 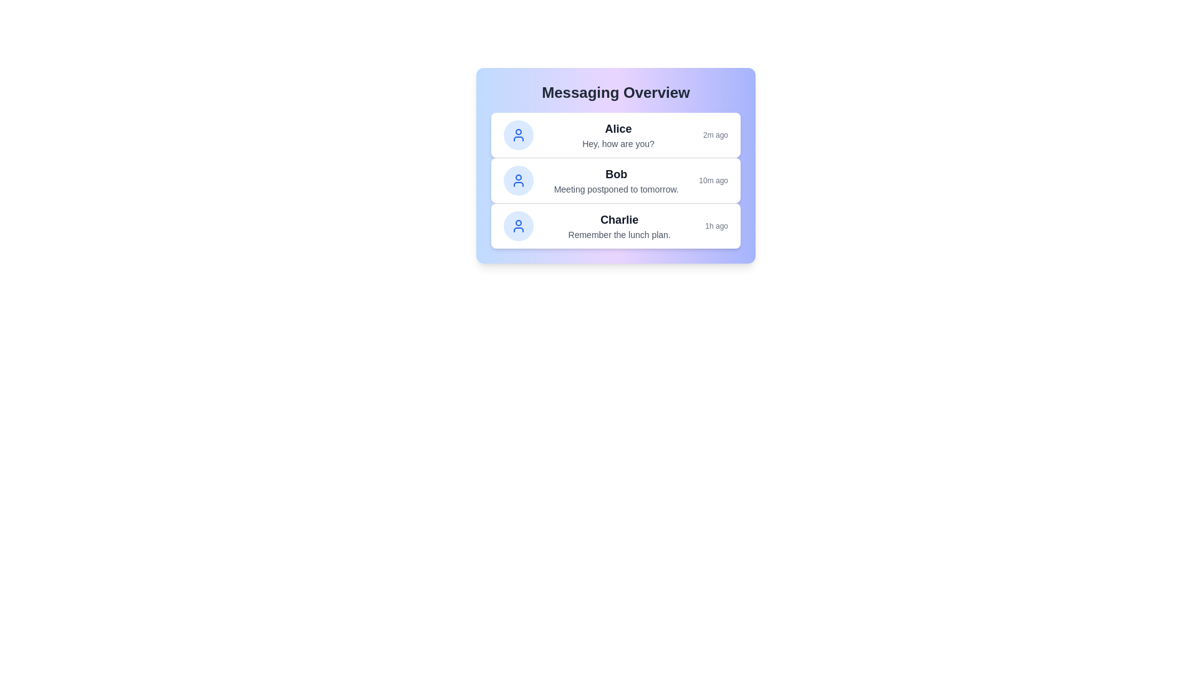 What do you see at coordinates (616, 180) in the screenshot?
I see `the list item corresponding to Bob` at bounding box center [616, 180].